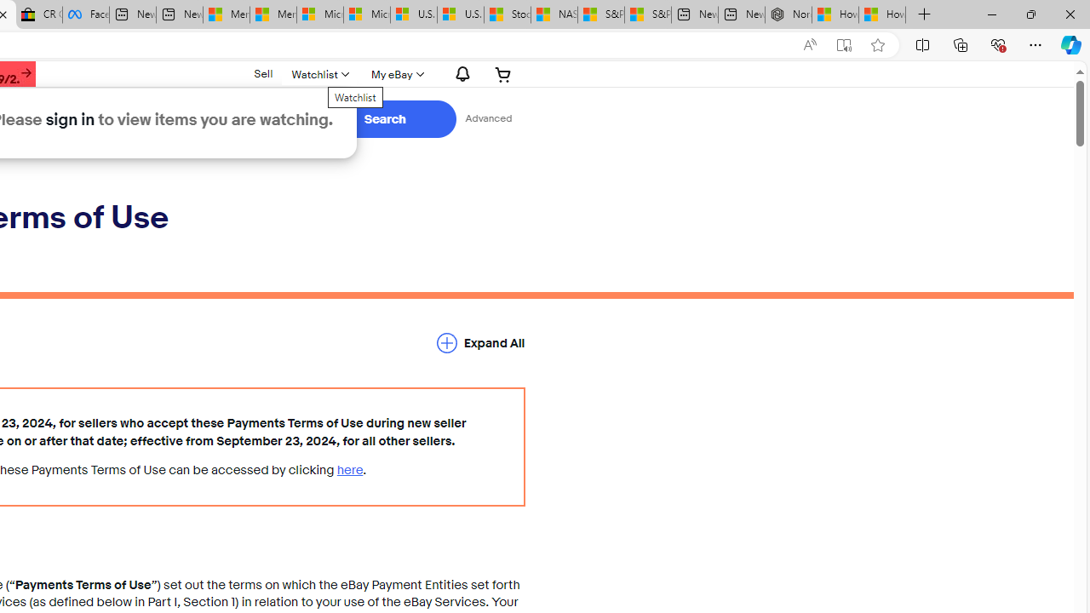 This screenshot has height=613, width=1090. I want to click on 'AutomationID: gh-eb-Alerts', so click(460, 73).